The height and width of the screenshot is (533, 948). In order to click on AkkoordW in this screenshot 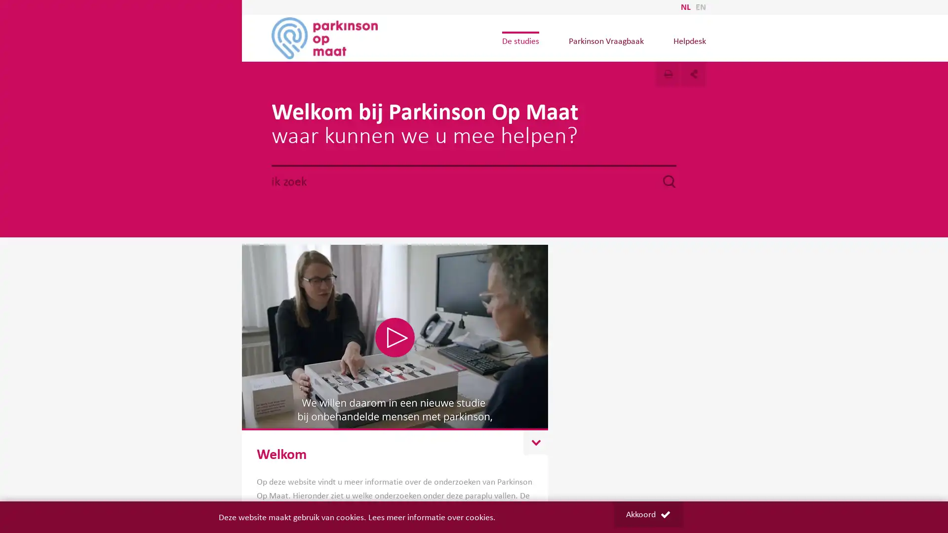, I will do `click(647, 514)`.